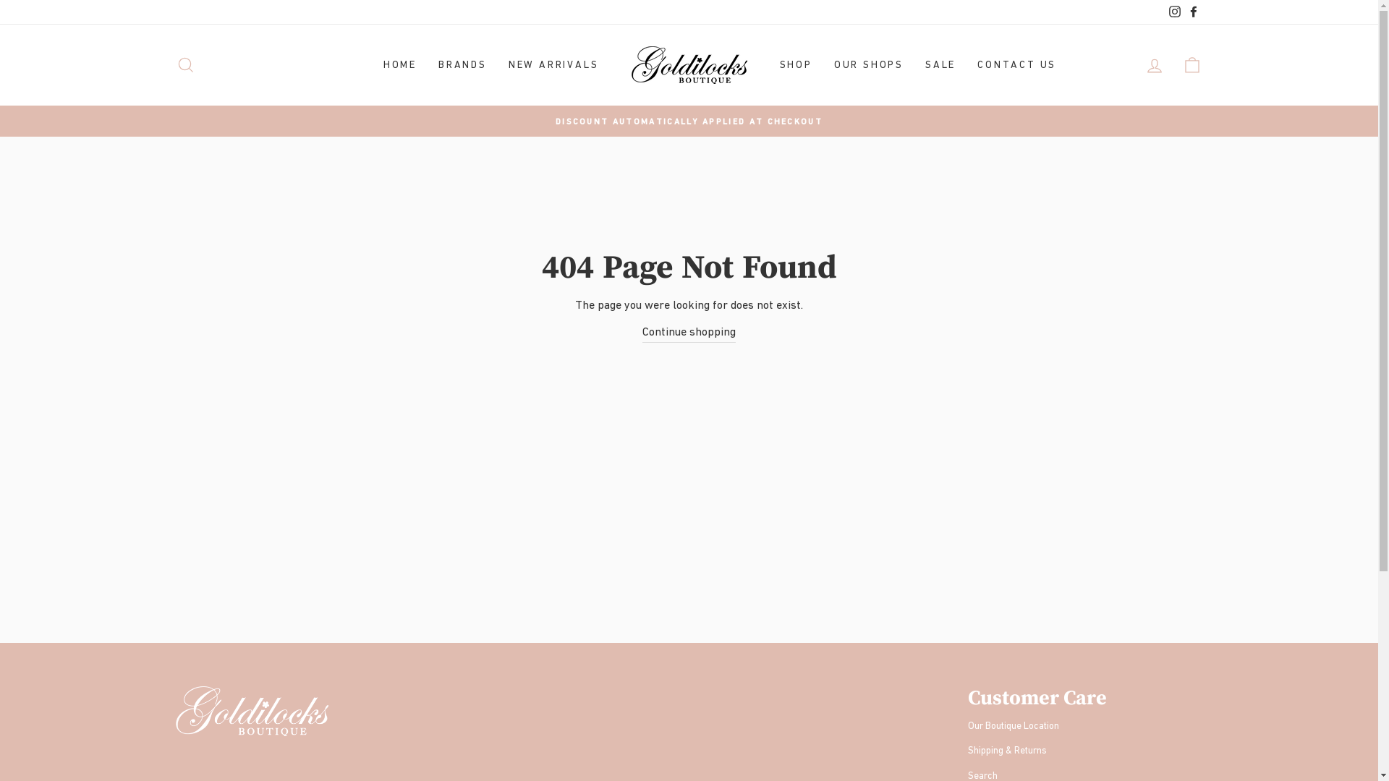 This screenshot has height=781, width=1389. What do you see at coordinates (1006, 749) in the screenshot?
I see `'Shipping & Returns'` at bounding box center [1006, 749].